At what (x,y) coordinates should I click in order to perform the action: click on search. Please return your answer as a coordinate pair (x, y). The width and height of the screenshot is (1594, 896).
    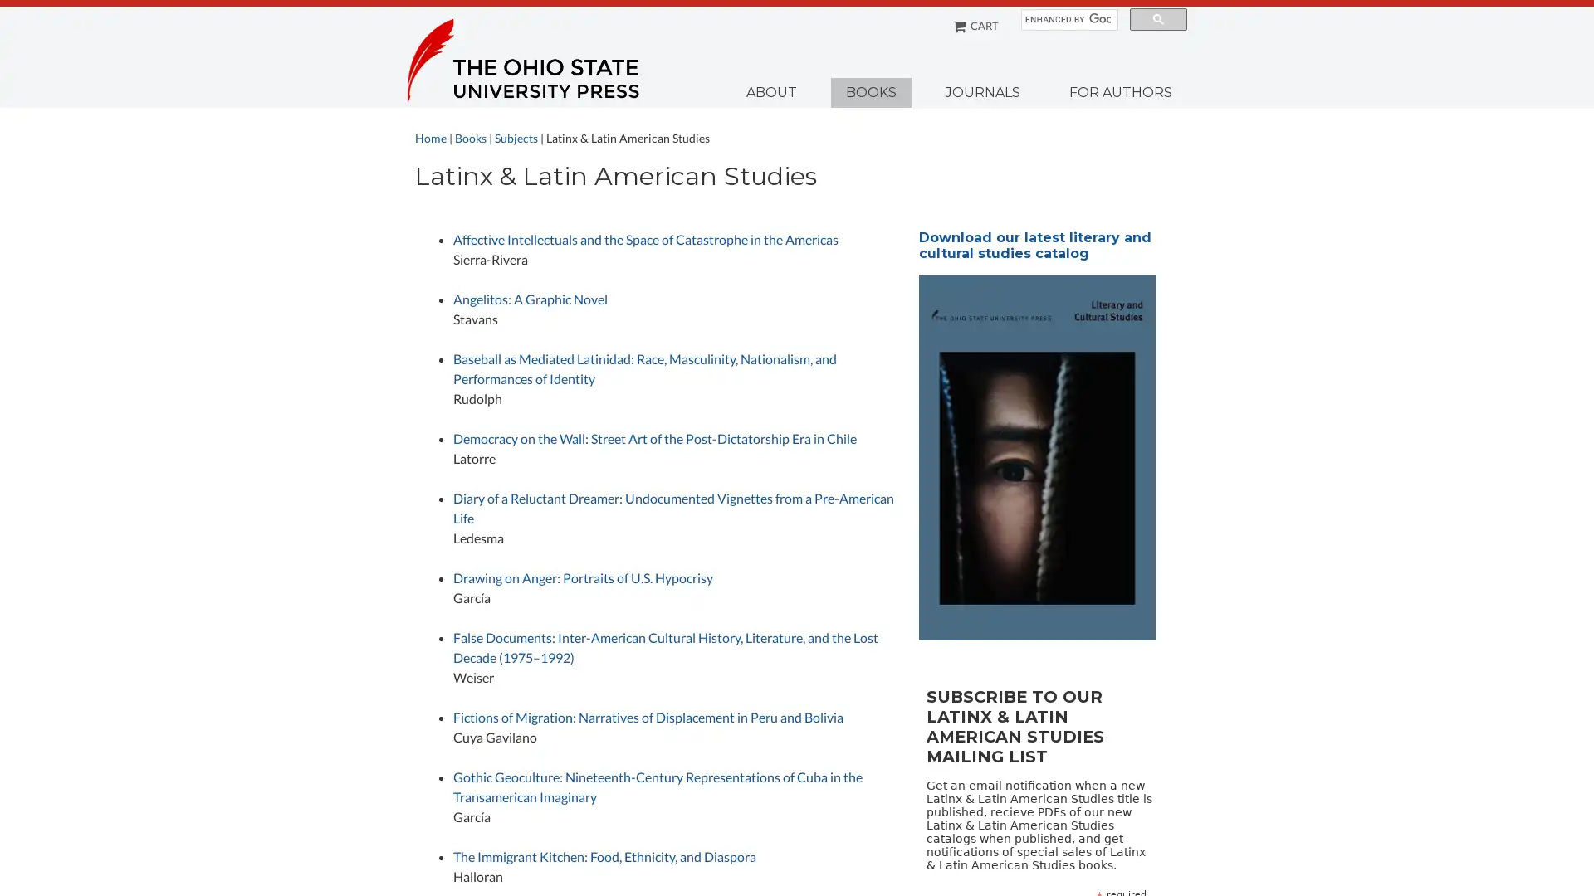
    Looking at the image, I should click on (1157, 19).